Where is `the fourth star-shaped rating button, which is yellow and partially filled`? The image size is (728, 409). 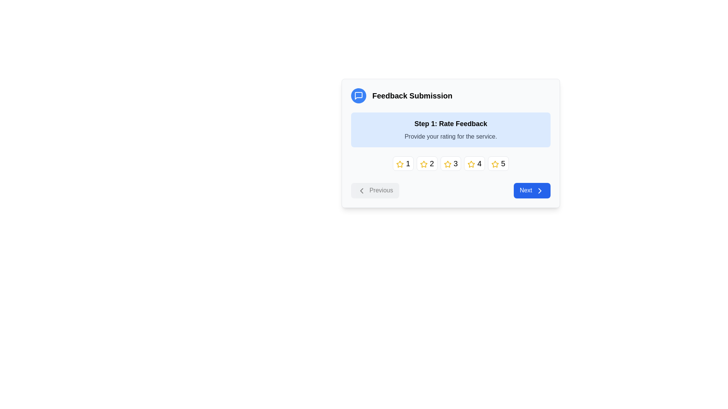 the fourth star-shaped rating button, which is yellow and partially filled is located at coordinates (471, 164).